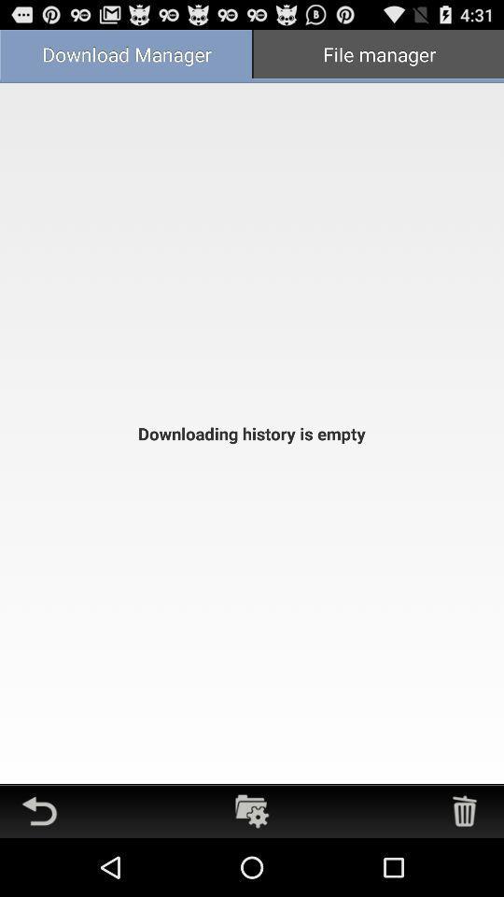 The width and height of the screenshot is (504, 897). Describe the element at coordinates (463, 868) in the screenshot. I see `the delete icon` at that location.